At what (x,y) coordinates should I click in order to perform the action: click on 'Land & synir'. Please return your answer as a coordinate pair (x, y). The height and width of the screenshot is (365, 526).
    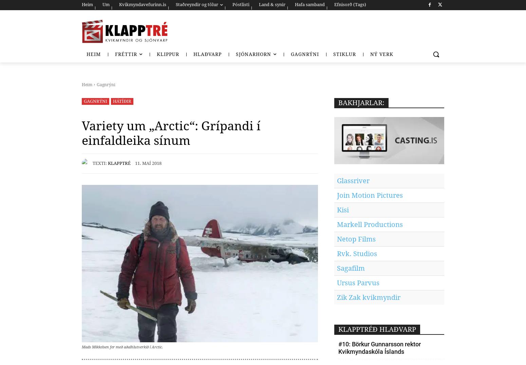
    Looking at the image, I should click on (271, 4).